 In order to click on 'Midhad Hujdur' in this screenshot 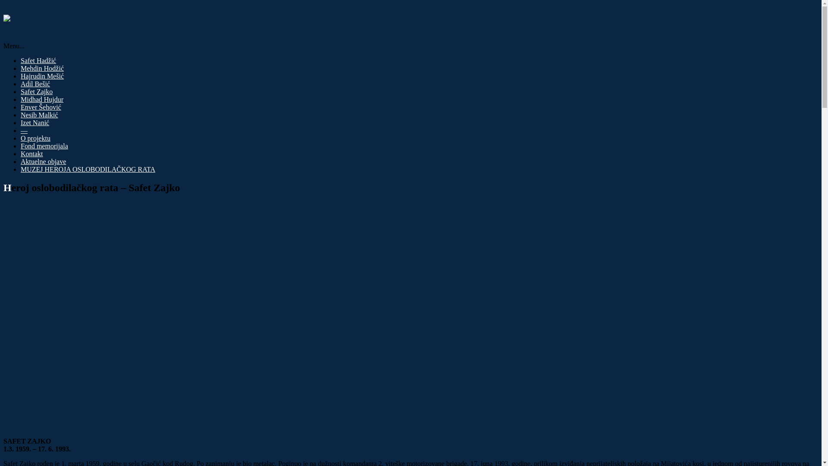, I will do `click(41, 99)`.